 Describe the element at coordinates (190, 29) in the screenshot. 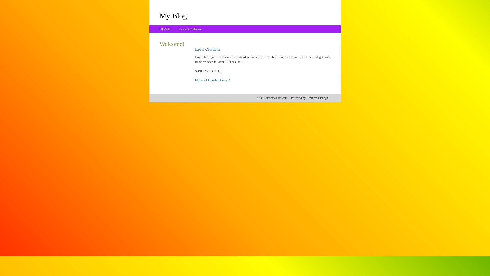

I see `'Local Citations'` at that location.